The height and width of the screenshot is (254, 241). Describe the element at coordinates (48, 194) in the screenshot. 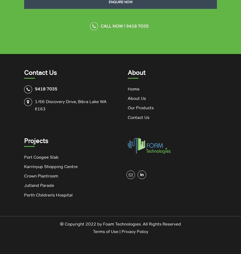

I see `'Perth Children’s Hospital'` at that location.